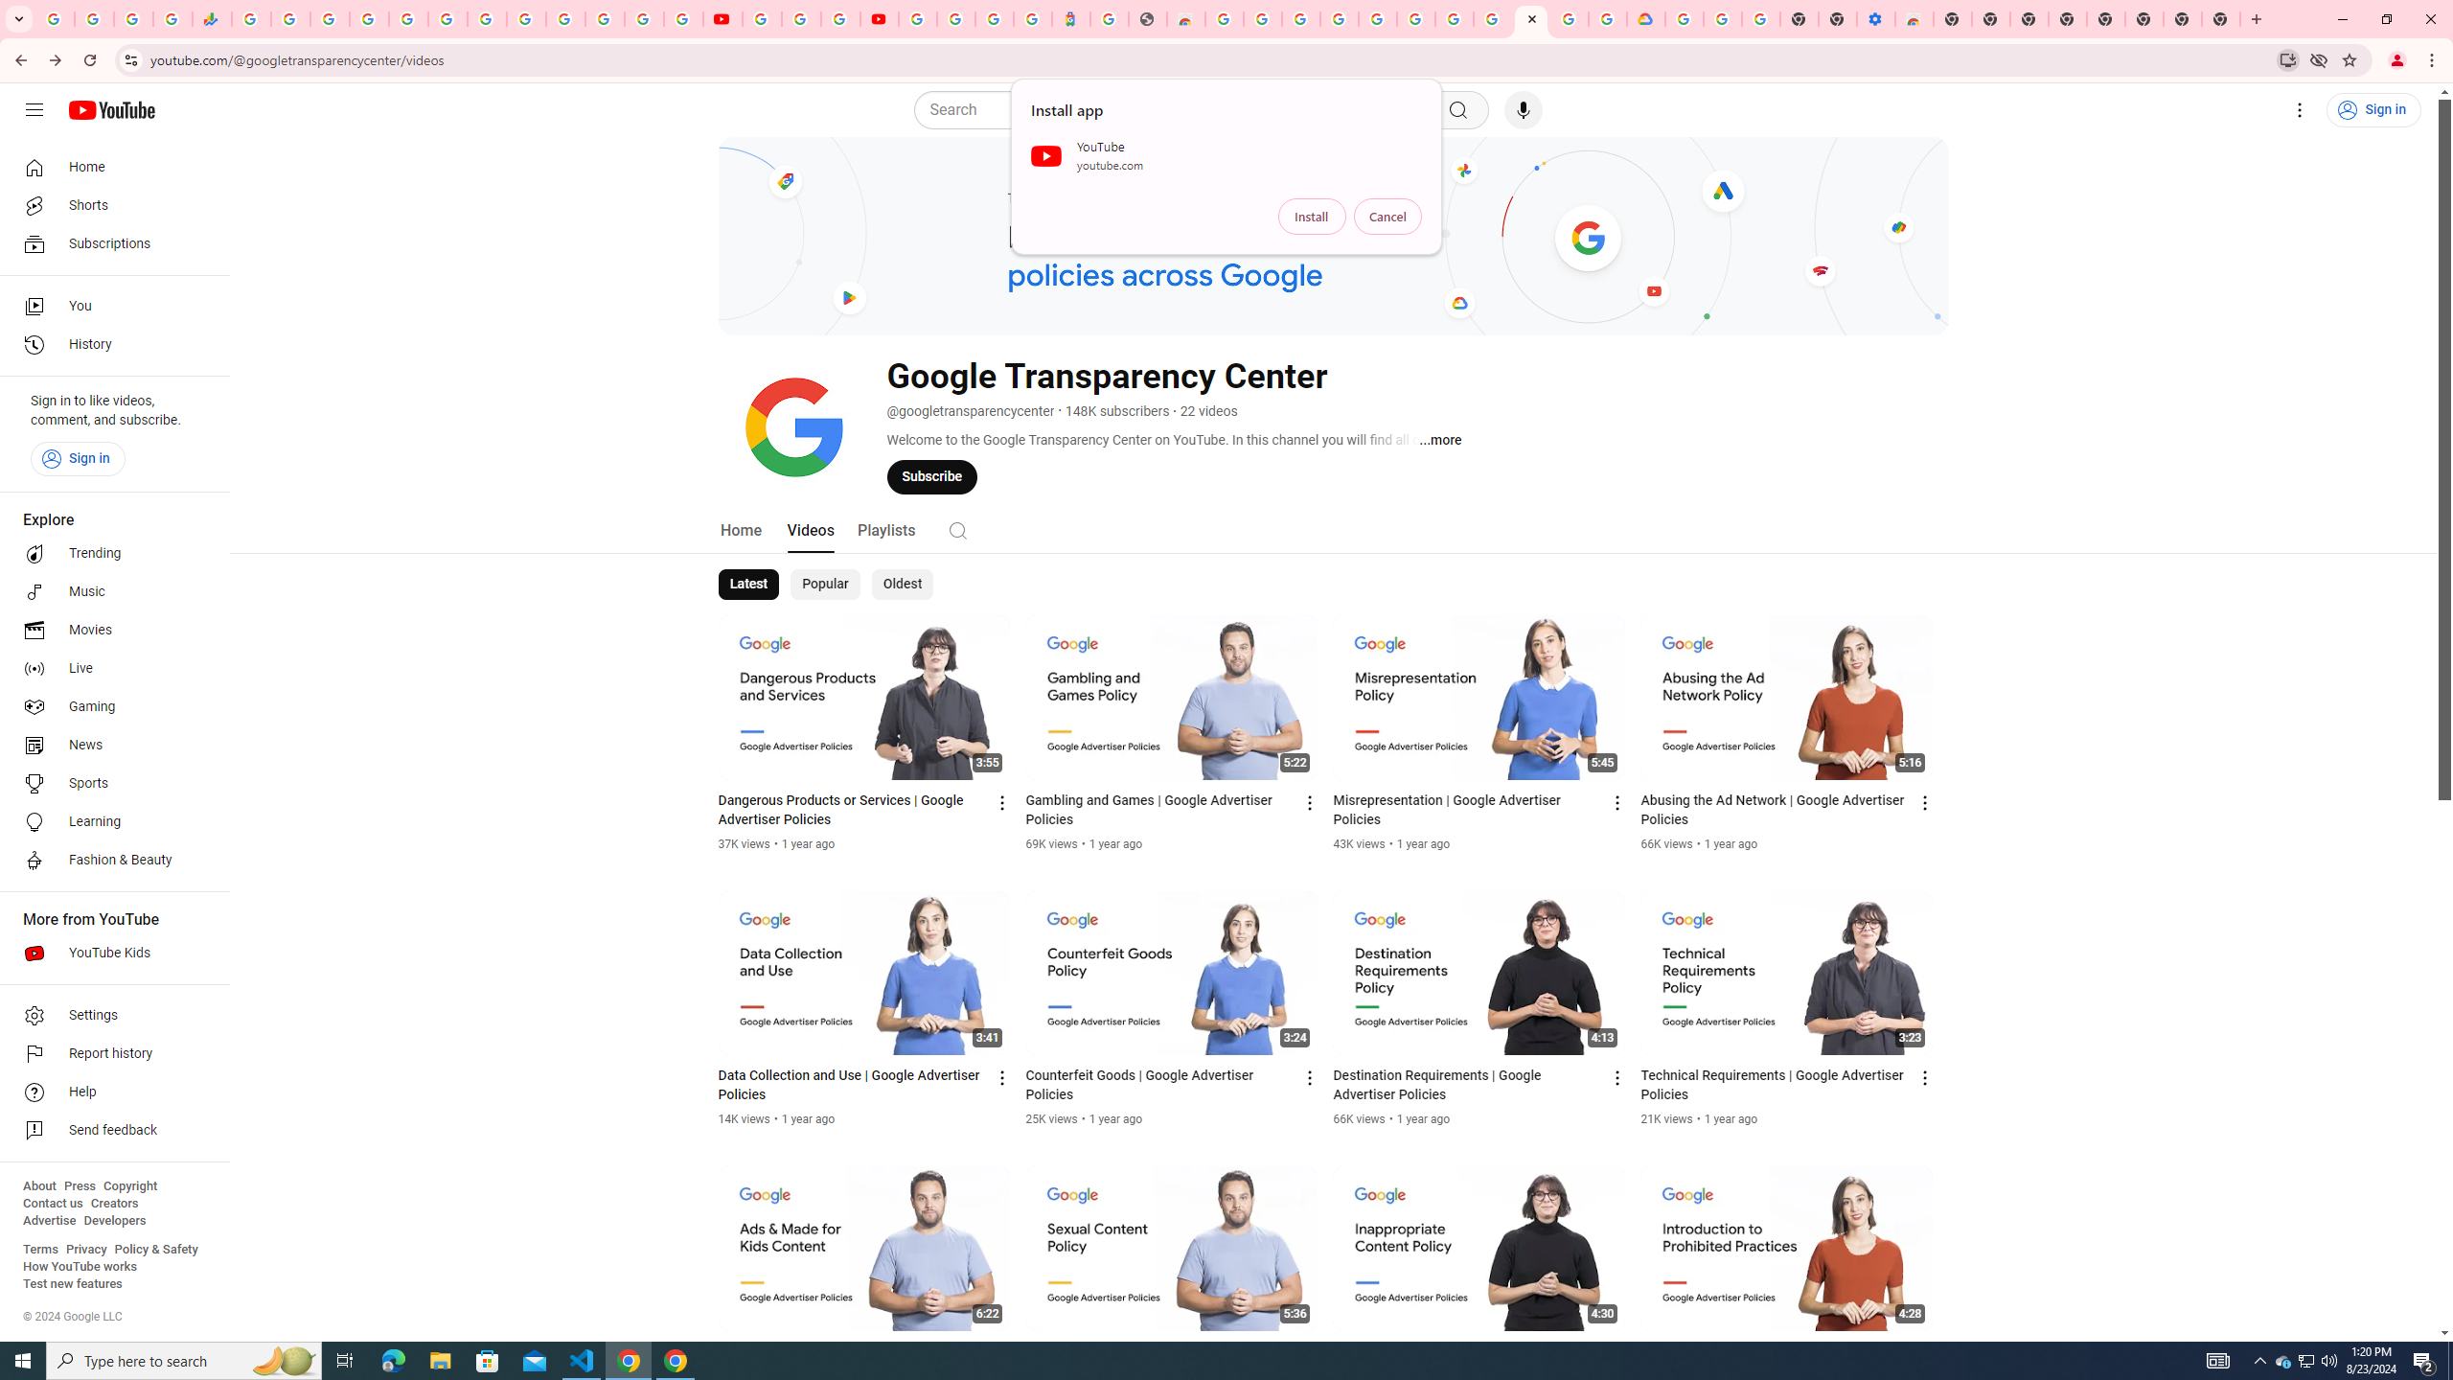 The image size is (2453, 1380). What do you see at coordinates (52, 1203) in the screenshot?
I see `'Contact us'` at bounding box center [52, 1203].